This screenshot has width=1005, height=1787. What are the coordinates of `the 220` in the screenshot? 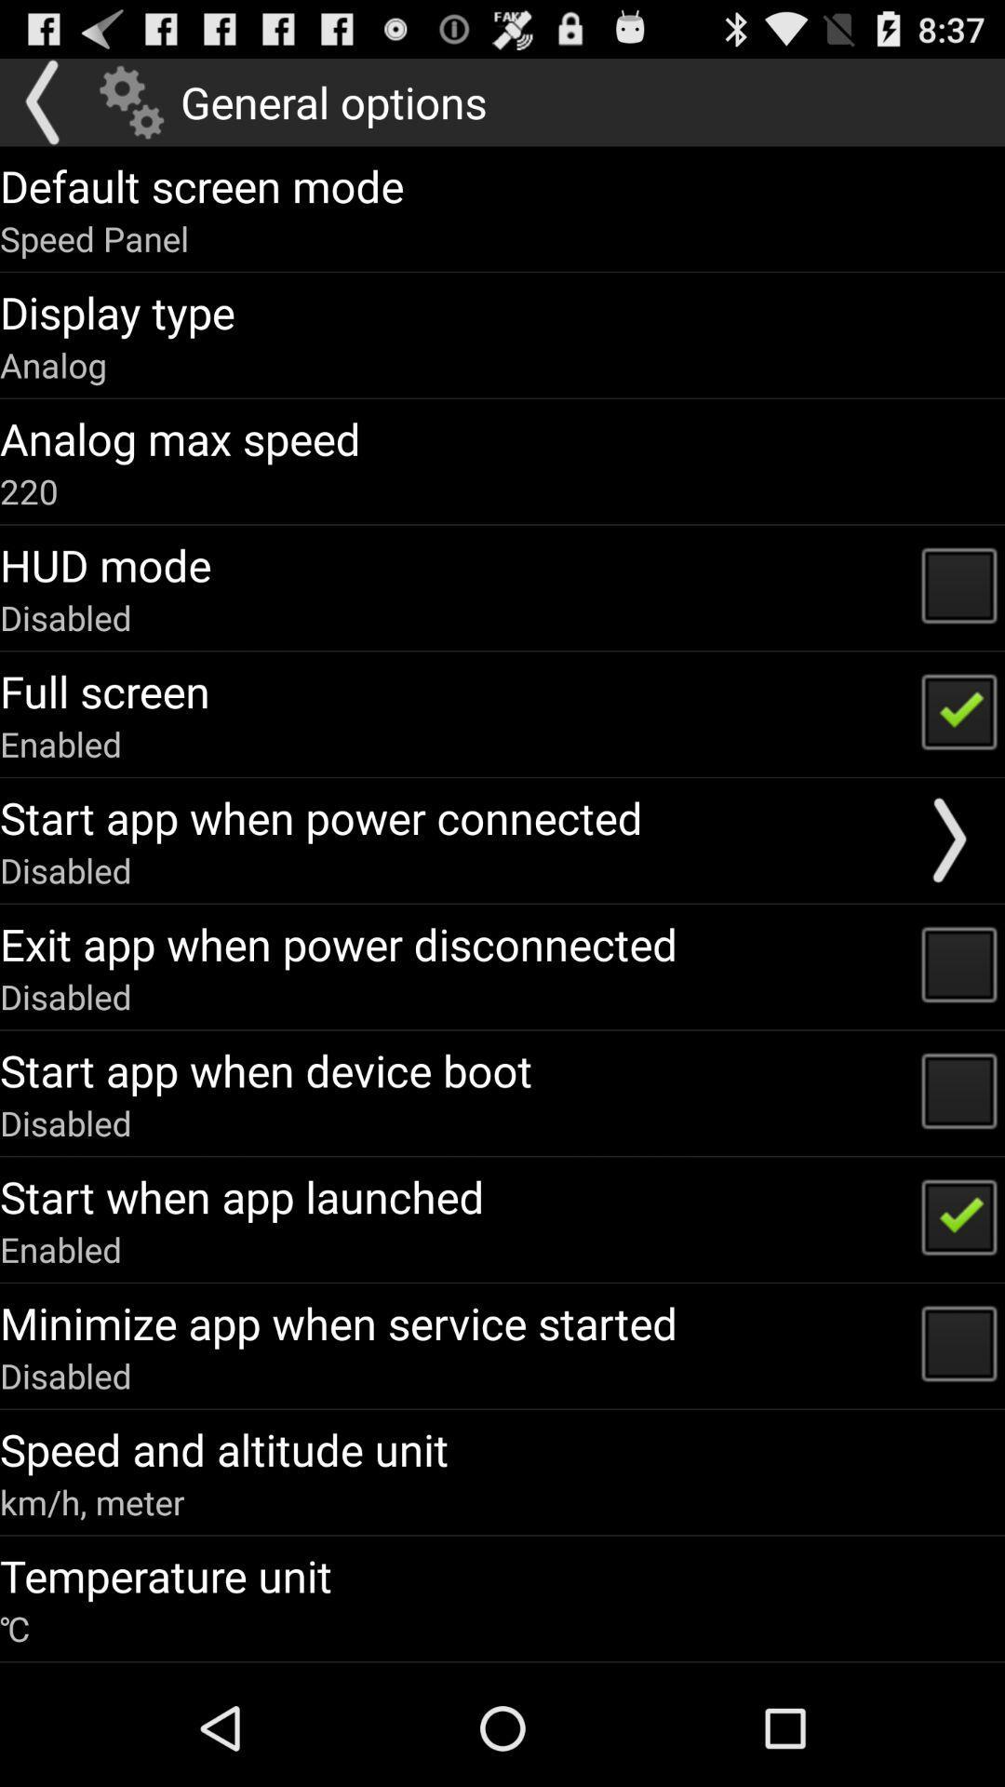 It's located at (29, 491).